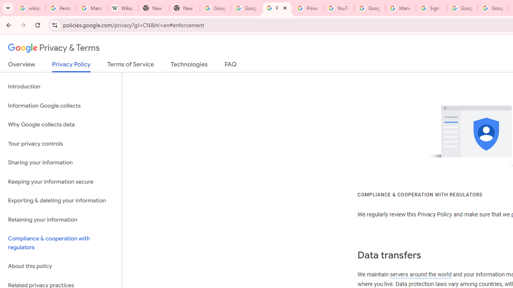 The height and width of the screenshot is (288, 513). Describe the element at coordinates (61, 182) in the screenshot. I see `'Keeping your information secure'` at that location.